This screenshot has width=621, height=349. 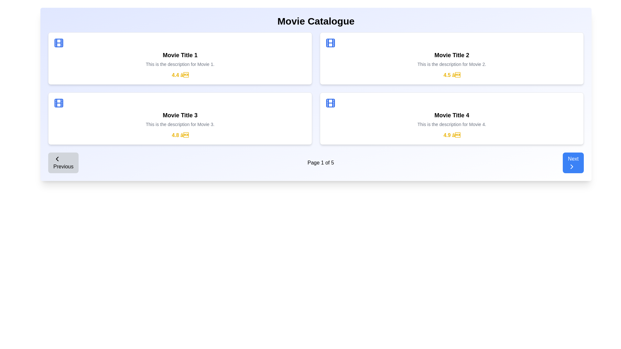 I want to click on the graphic decorative element within the film-strip icon for 'Movie Title 4' located at the top-right corner of the card, so click(x=331, y=103).